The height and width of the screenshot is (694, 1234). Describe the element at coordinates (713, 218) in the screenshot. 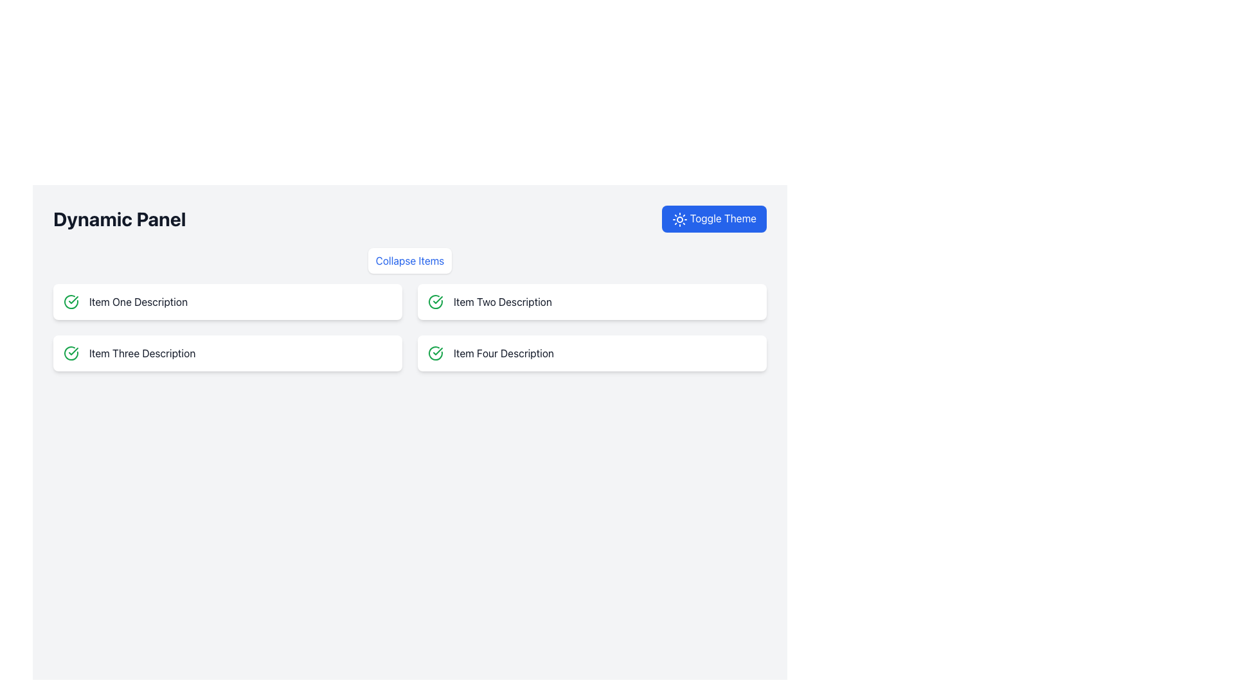

I see `the theme toggle button located in the top-right corner of the header, adjacent to the text 'Dynamic Panel'` at that location.